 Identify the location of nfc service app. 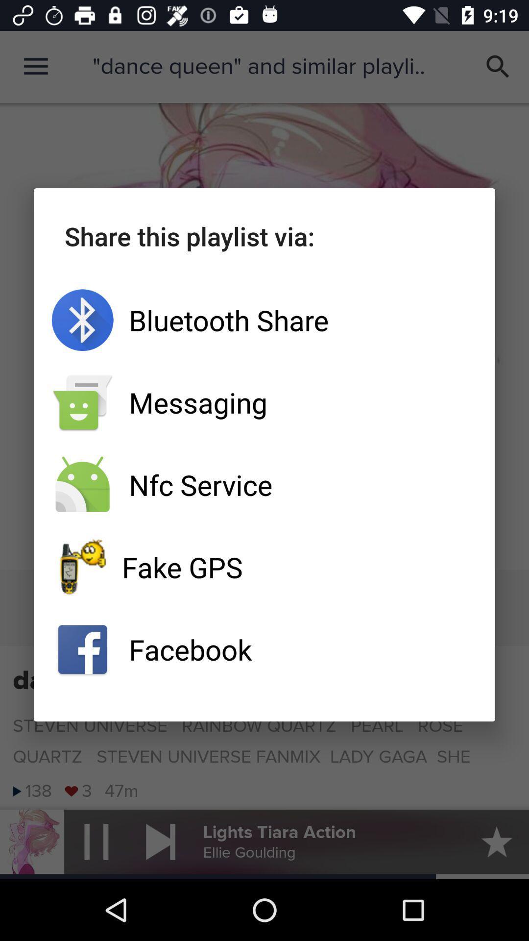
(264, 485).